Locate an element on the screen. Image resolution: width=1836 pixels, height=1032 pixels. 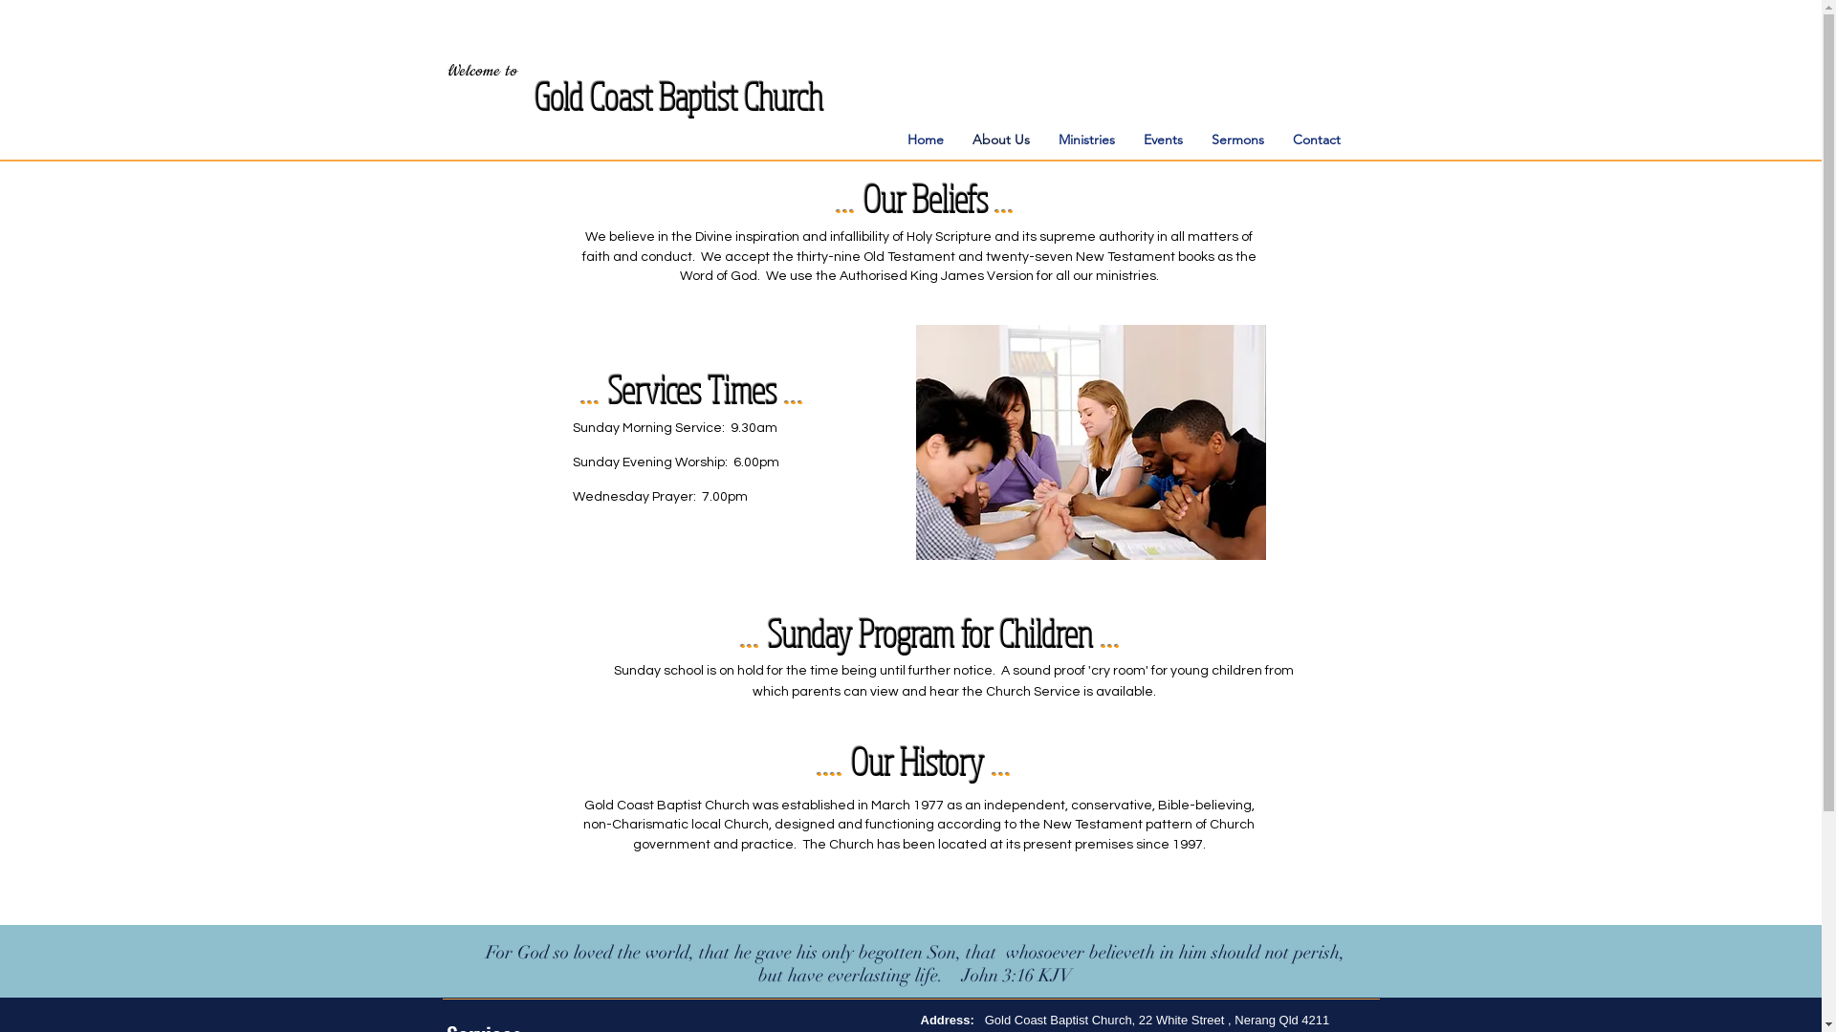
'Gold Coast Baptist Church, 22 White Street , Nerang Qld 4211' is located at coordinates (1156, 1019).